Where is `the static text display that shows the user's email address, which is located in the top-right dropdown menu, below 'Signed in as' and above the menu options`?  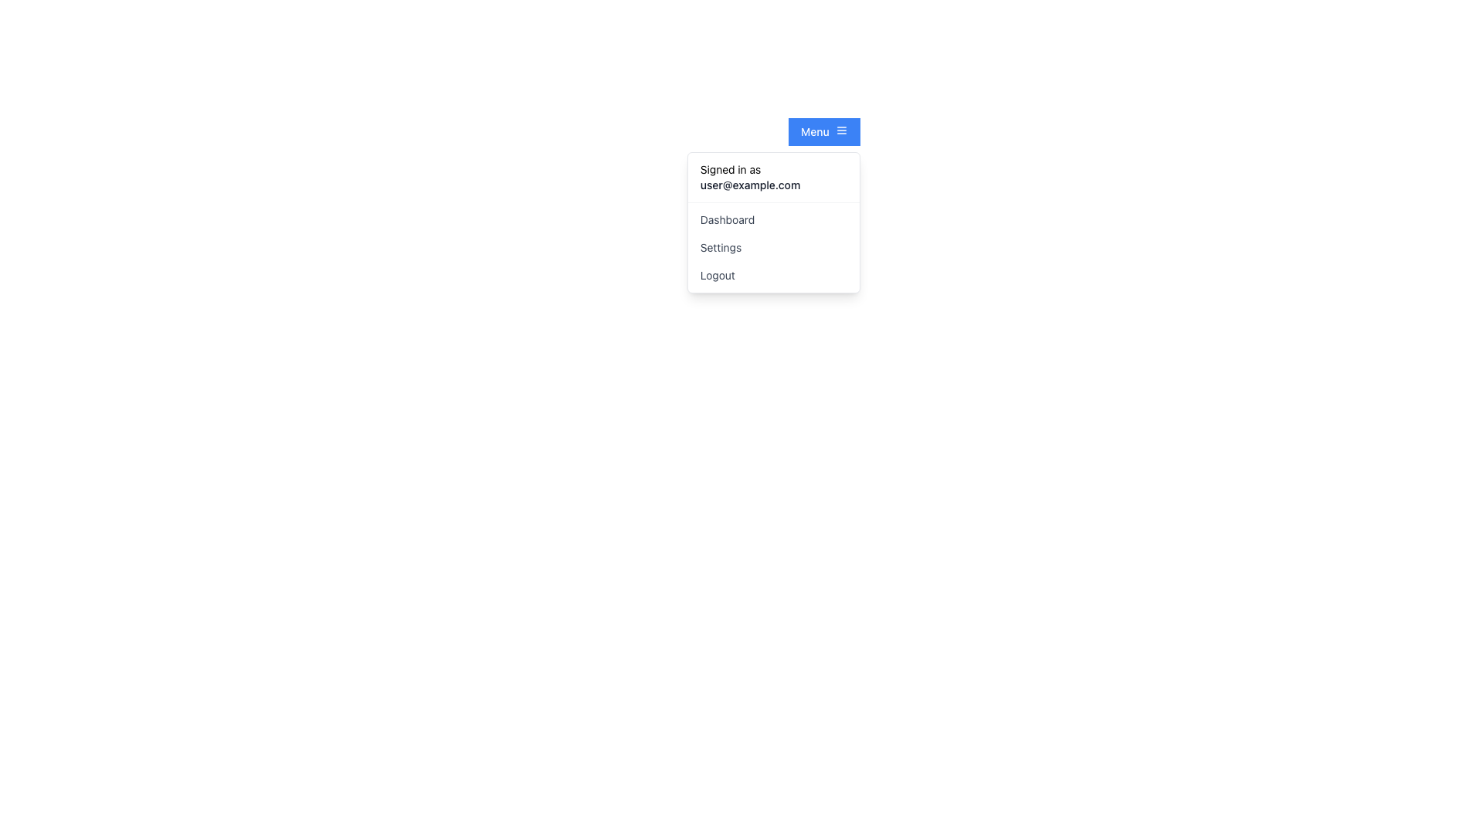 the static text display that shows the user's email address, which is located in the top-right dropdown menu, below 'Signed in as' and above the menu options is located at coordinates (773, 184).